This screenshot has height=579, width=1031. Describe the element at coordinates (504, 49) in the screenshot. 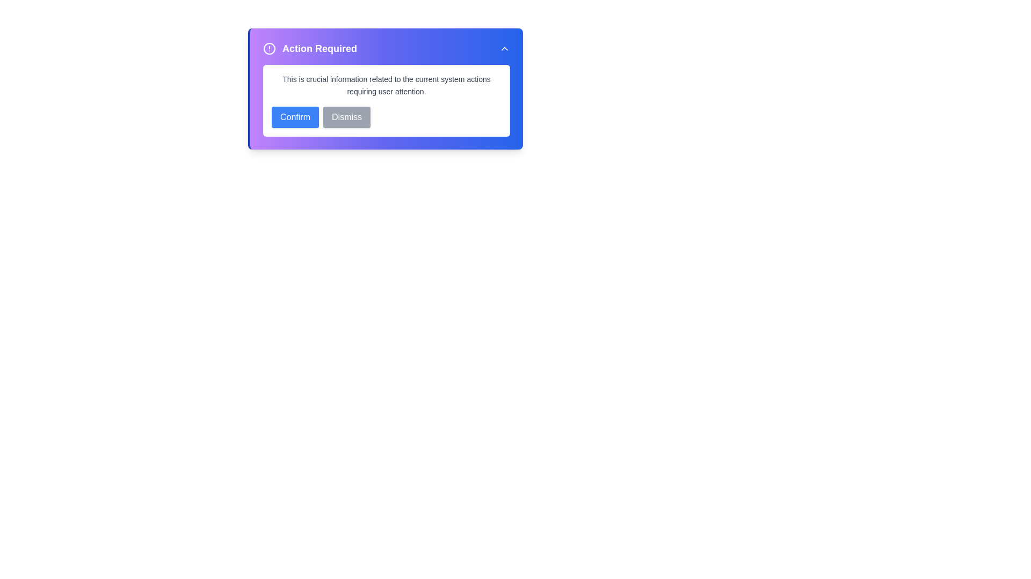

I see `dropdown button to toggle the visibility of detailed information` at that location.